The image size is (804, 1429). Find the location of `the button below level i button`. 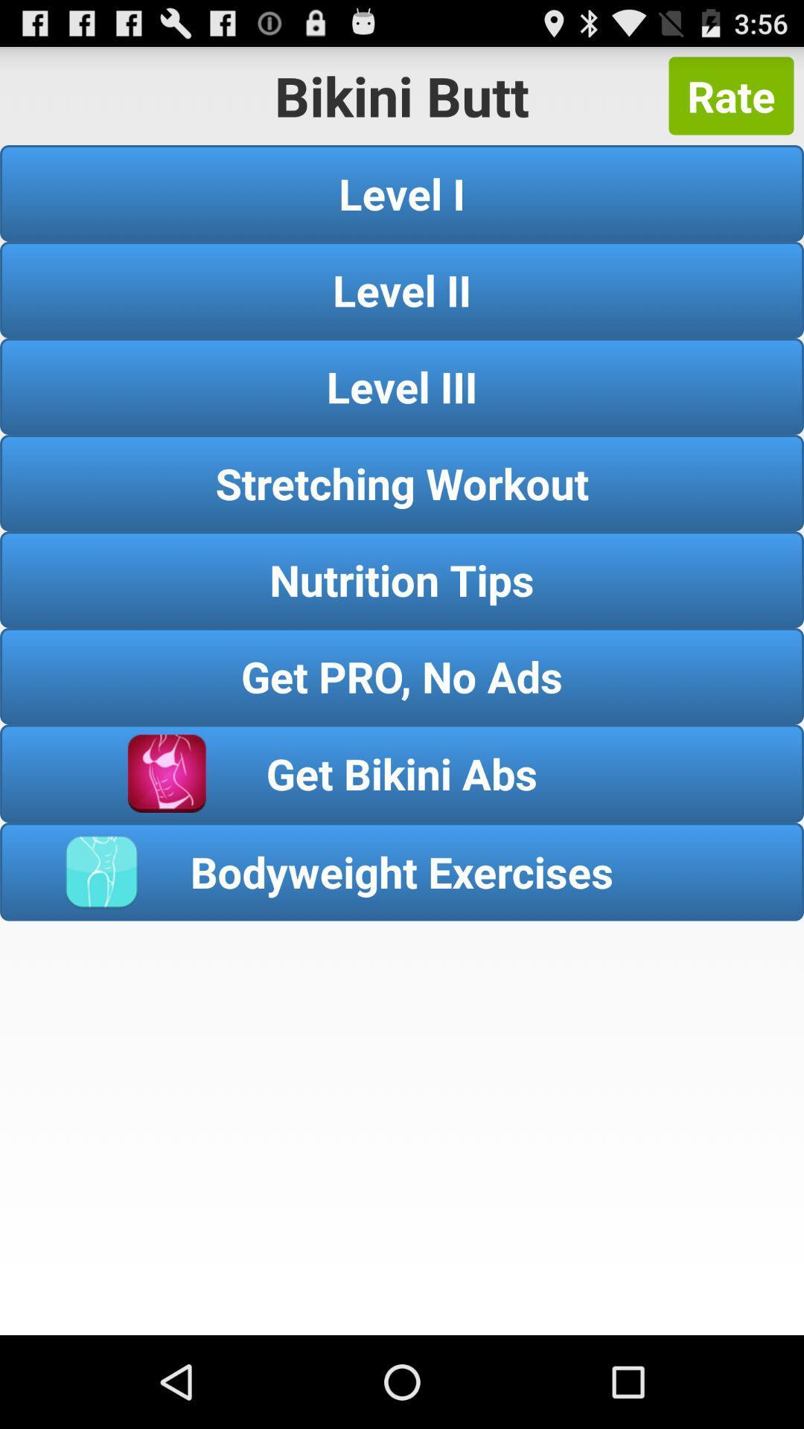

the button below level i button is located at coordinates (402, 290).